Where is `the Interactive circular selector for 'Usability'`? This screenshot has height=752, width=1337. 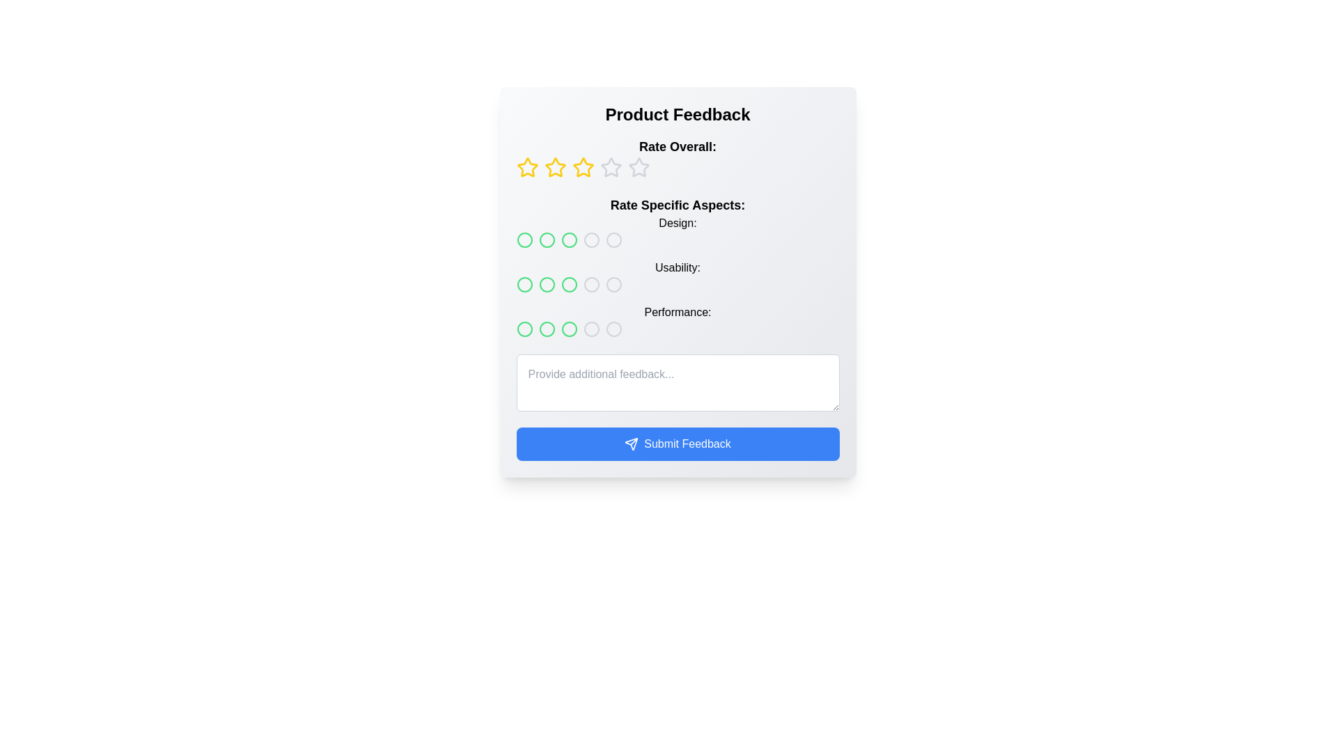 the Interactive circular selector for 'Usability' is located at coordinates (613, 283).